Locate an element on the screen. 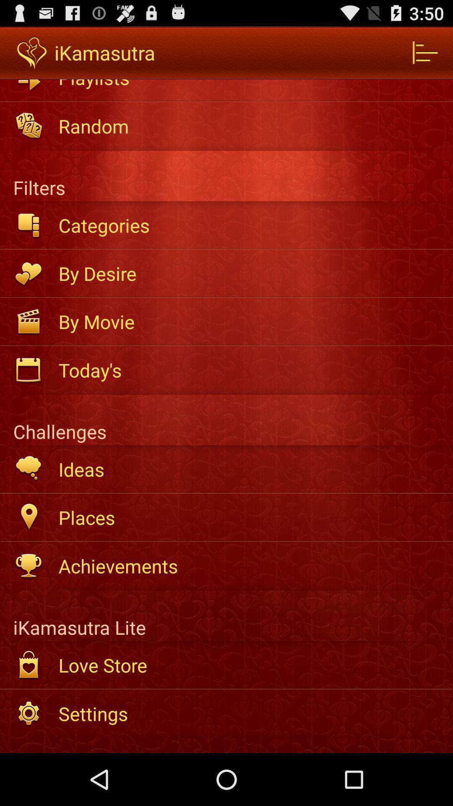 The height and width of the screenshot is (806, 453). the by desire is located at coordinates (250, 273).